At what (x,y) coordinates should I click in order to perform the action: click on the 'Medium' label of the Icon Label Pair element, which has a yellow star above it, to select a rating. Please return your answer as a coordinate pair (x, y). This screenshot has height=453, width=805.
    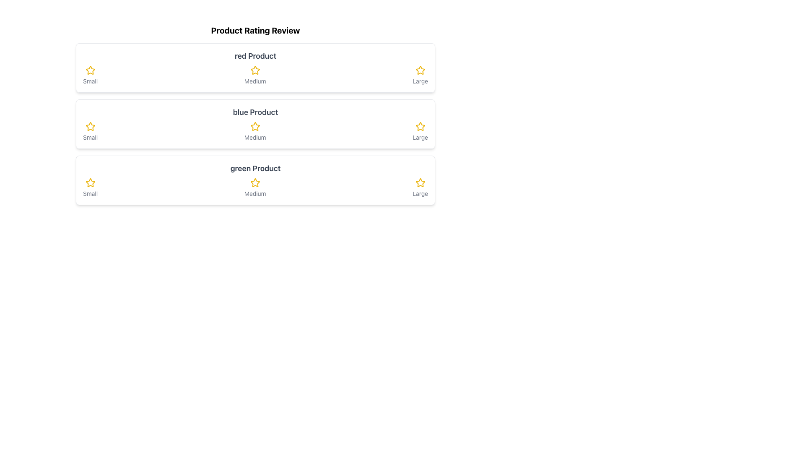
    Looking at the image, I should click on (255, 187).